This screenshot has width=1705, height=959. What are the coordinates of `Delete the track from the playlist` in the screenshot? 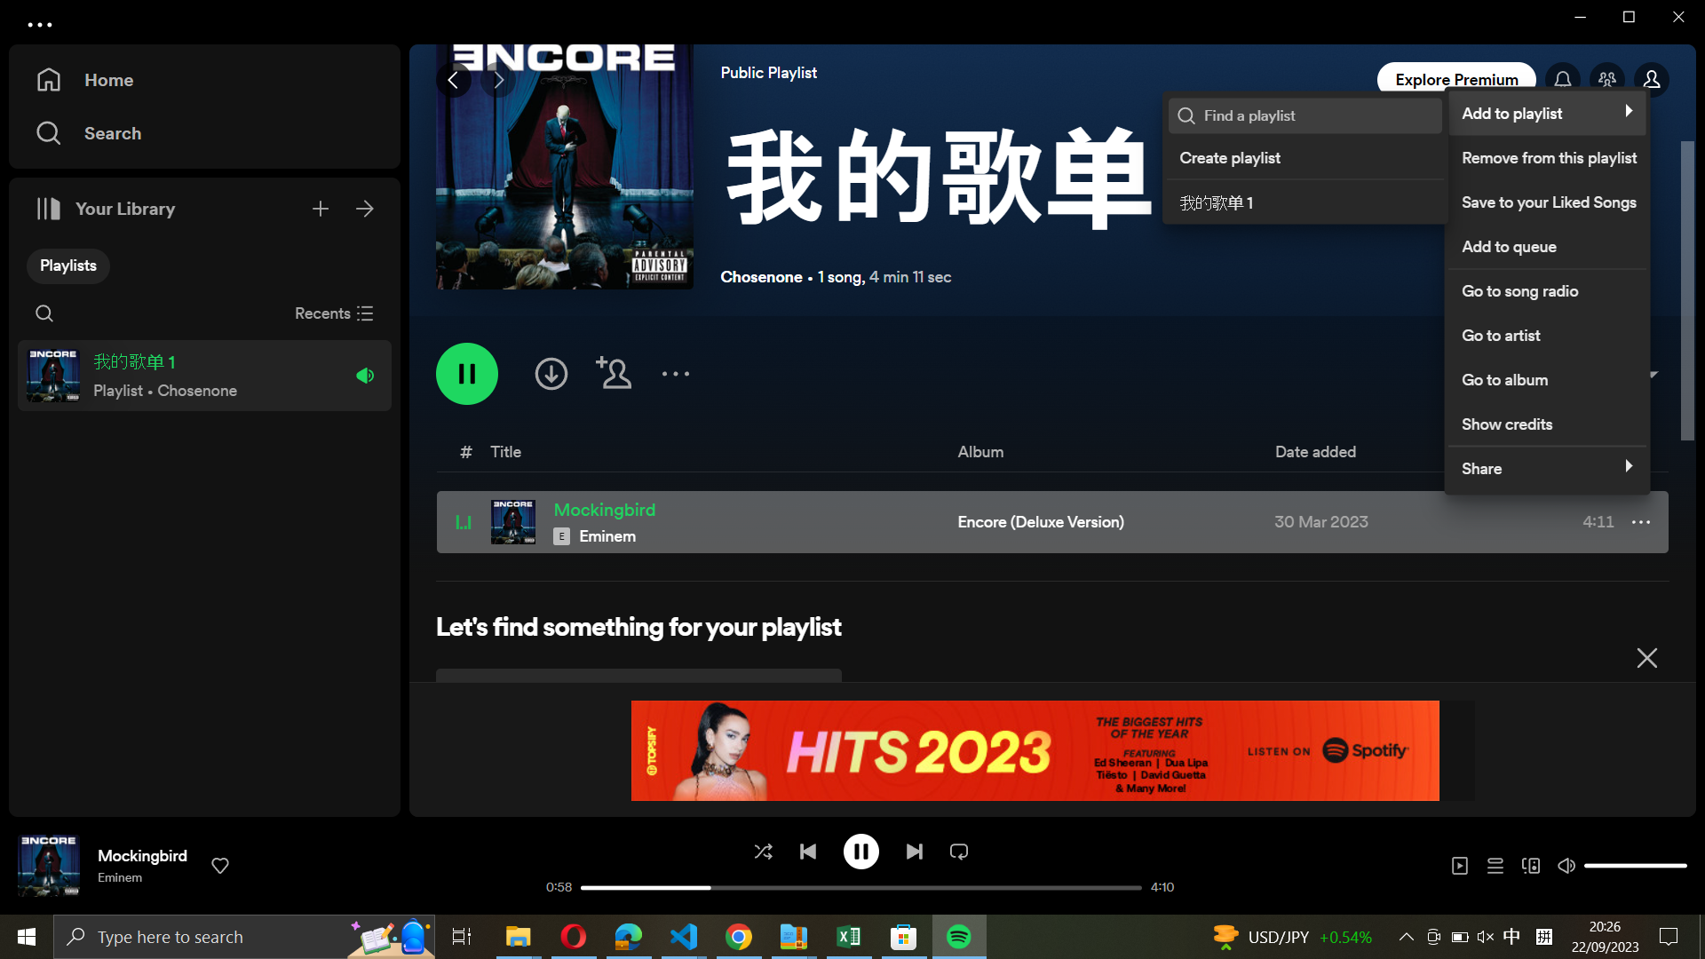 It's located at (1546, 153).